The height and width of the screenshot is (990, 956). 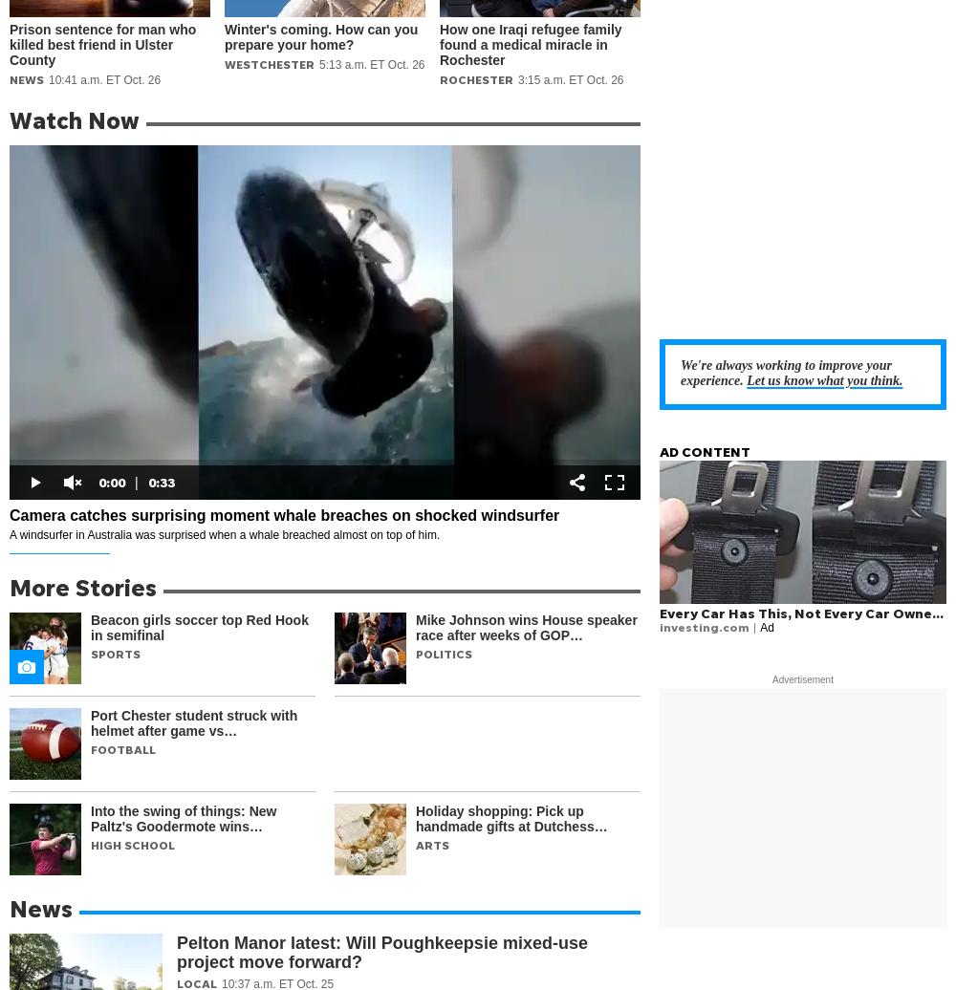 What do you see at coordinates (511, 818) in the screenshot?
I see `'Holiday shopping: Pick up handmade gifts at Dutchess…'` at bounding box center [511, 818].